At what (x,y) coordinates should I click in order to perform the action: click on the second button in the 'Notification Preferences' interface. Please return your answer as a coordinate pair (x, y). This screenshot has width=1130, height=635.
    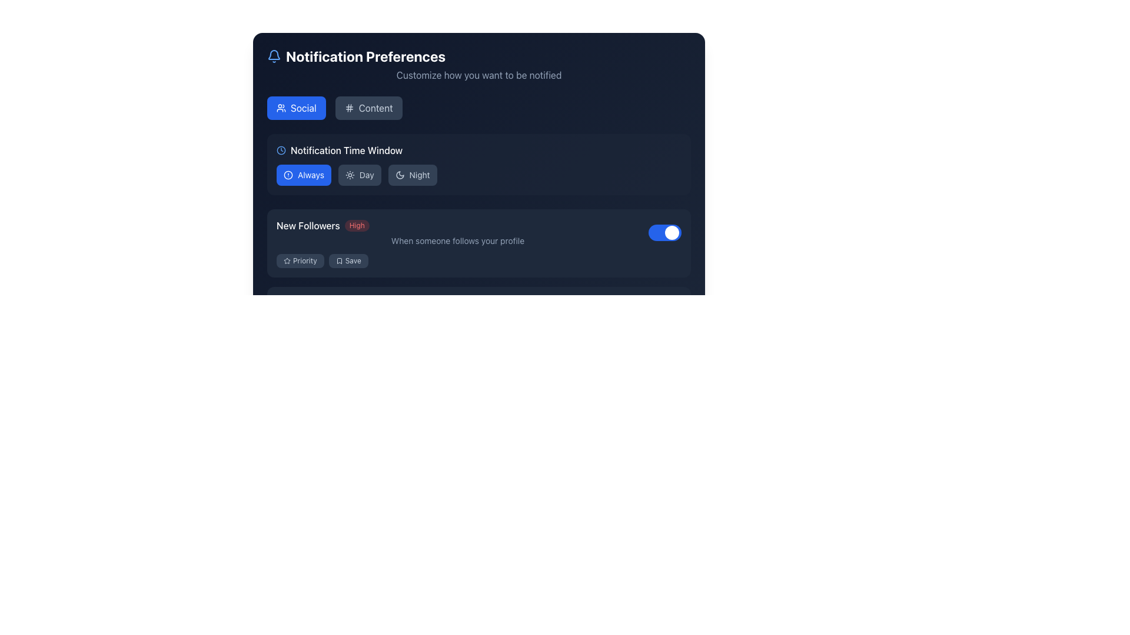
    Looking at the image, I should click on (347, 338).